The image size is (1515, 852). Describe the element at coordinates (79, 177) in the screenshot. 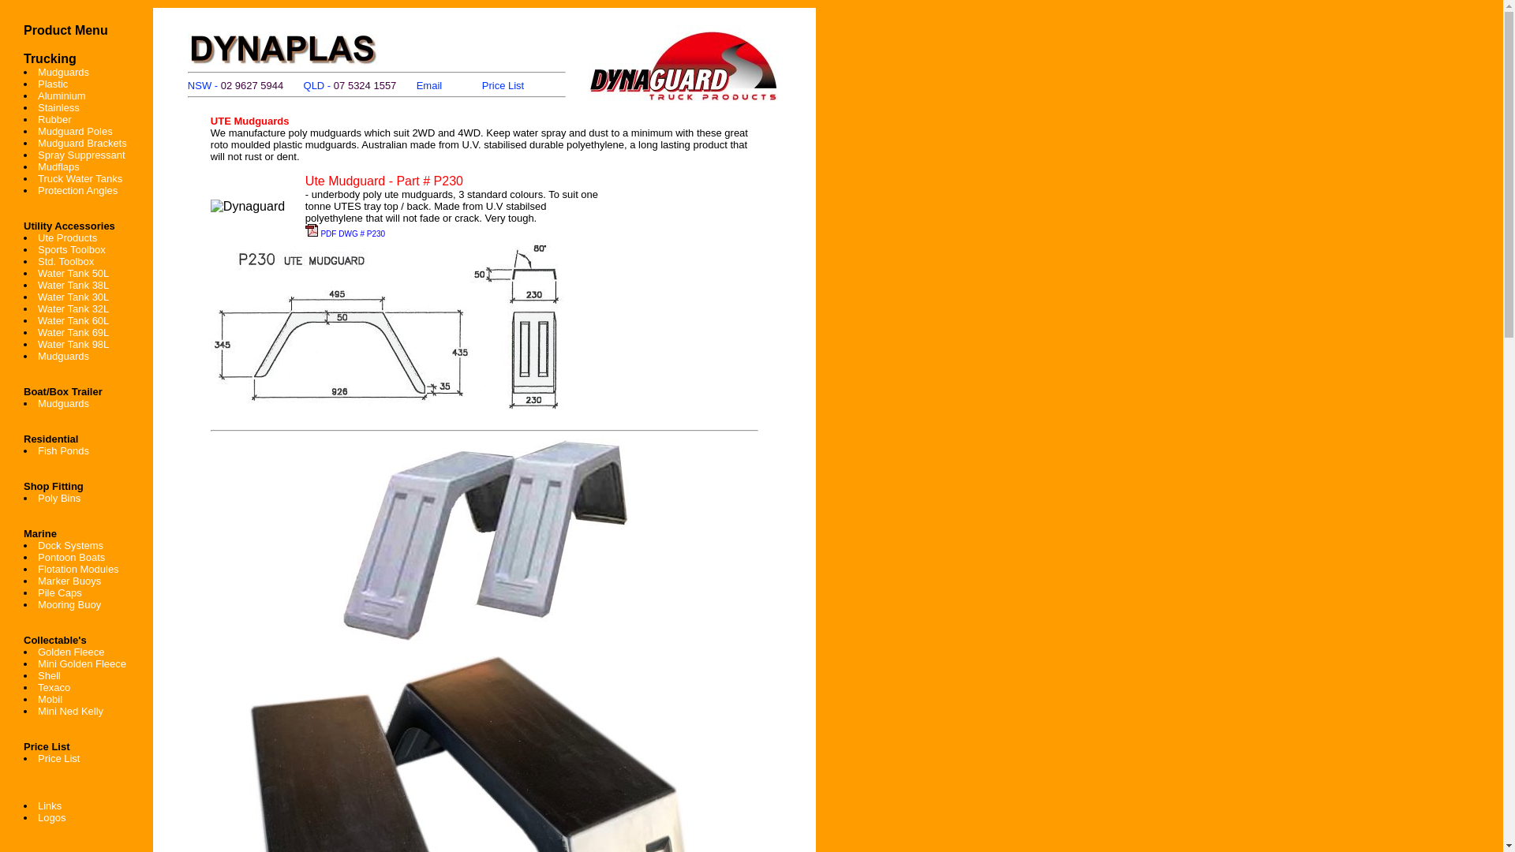

I see `'Truck Water Tanks'` at that location.